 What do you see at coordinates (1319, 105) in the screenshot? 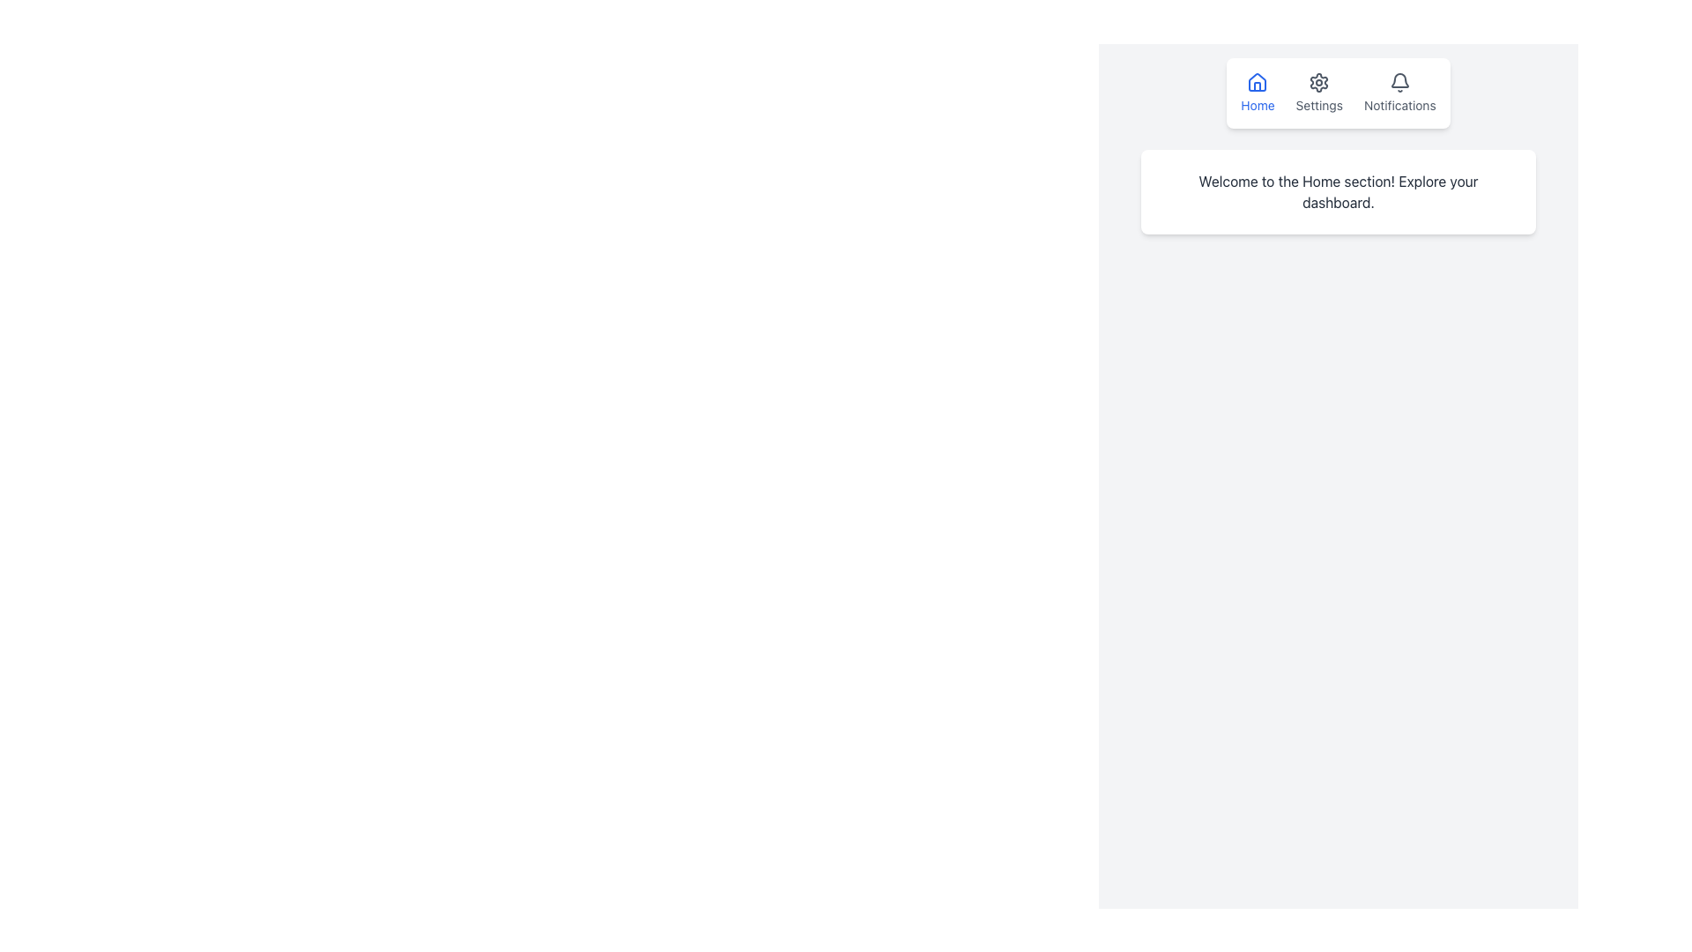
I see `displayed text of the 'Settings' label, which serves as a descriptive text for the associated icon in the navigation card` at bounding box center [1319, 105].